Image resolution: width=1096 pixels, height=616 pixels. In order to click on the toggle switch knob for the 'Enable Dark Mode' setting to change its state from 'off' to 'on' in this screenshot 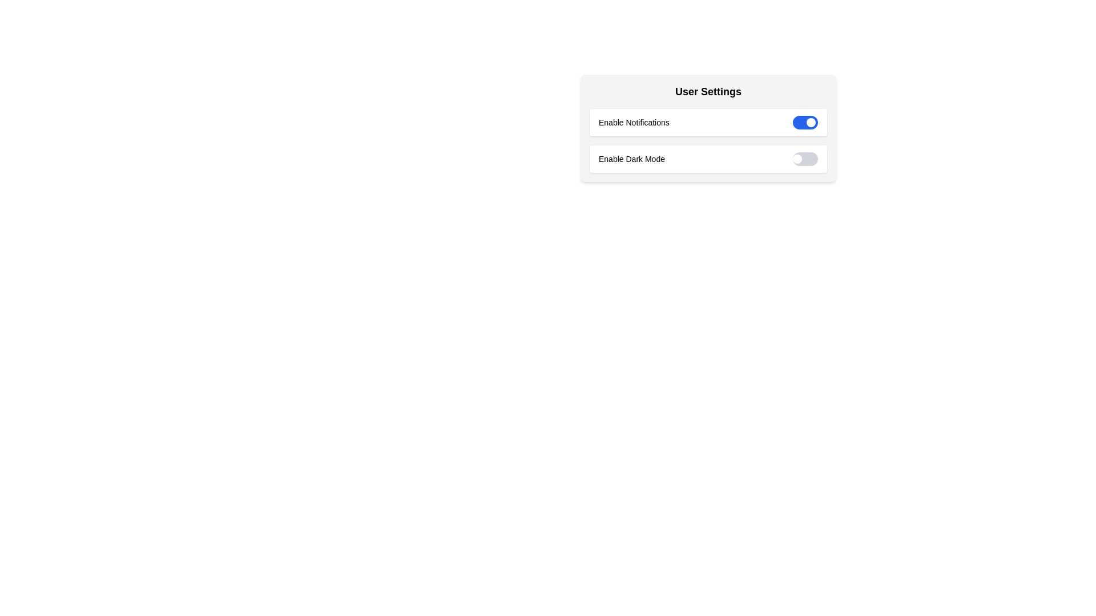, I will do `click(796, 159)`.